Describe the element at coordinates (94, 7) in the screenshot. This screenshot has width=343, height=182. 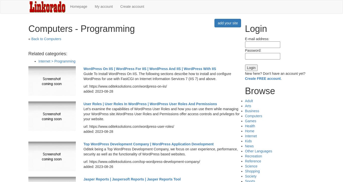
I see `'My account'` at that location.